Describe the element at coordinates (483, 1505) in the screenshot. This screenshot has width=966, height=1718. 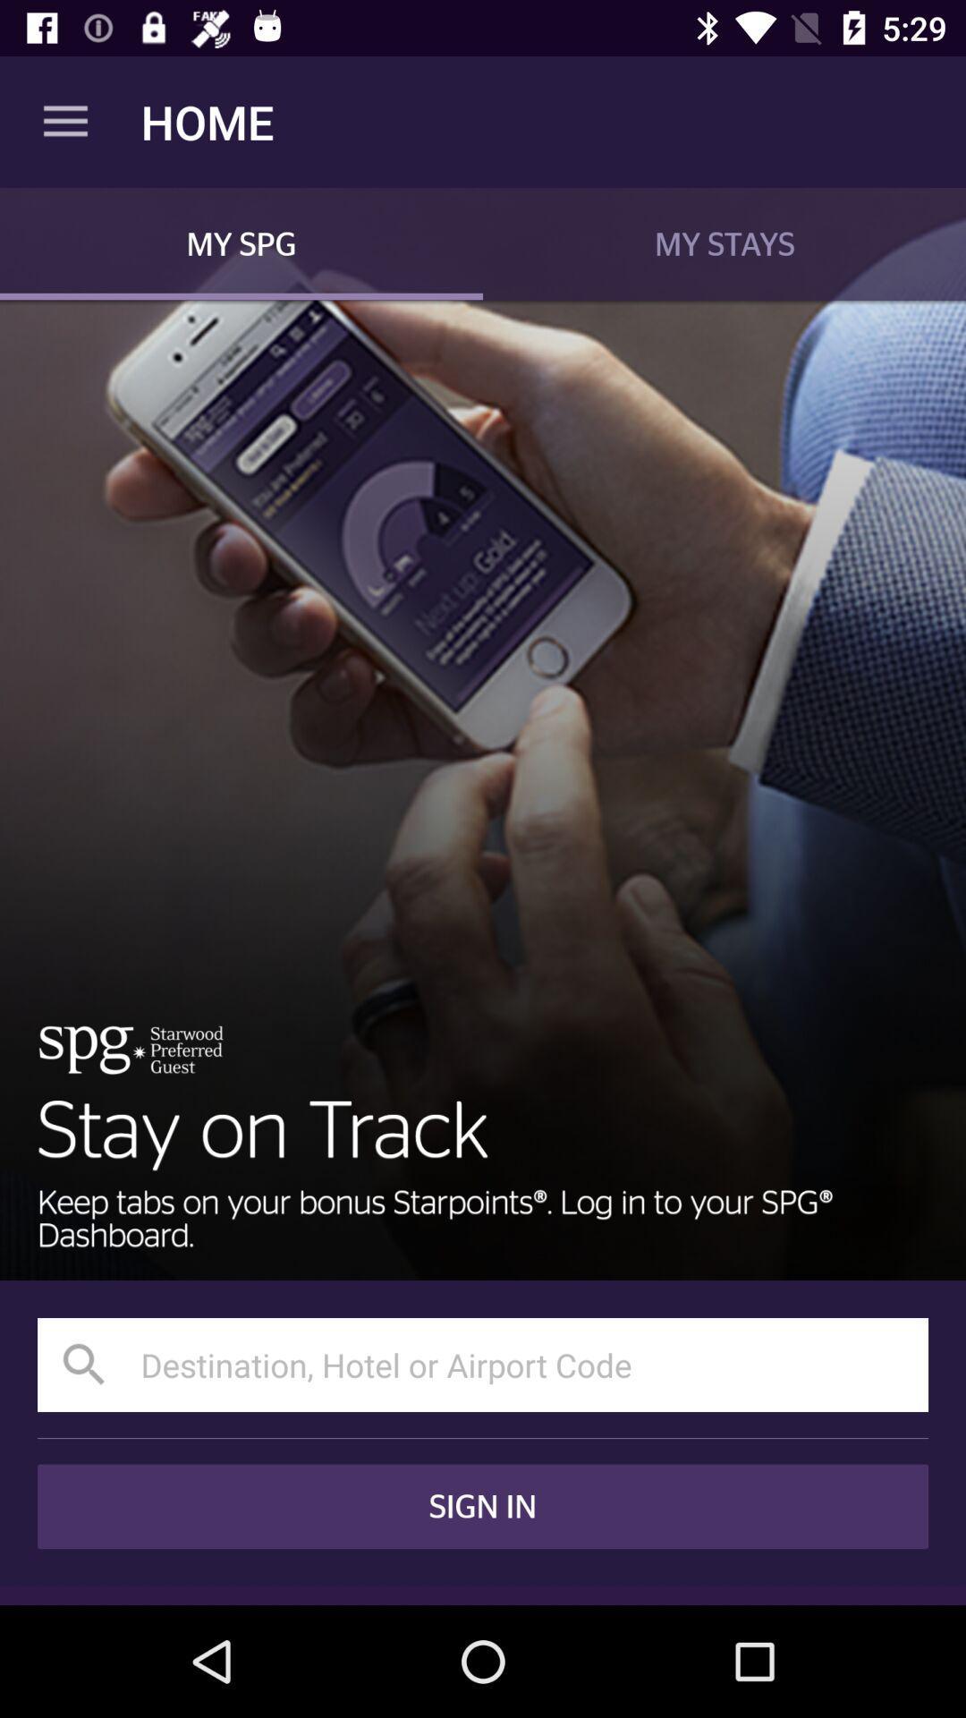
I see `the sign in` at that location.